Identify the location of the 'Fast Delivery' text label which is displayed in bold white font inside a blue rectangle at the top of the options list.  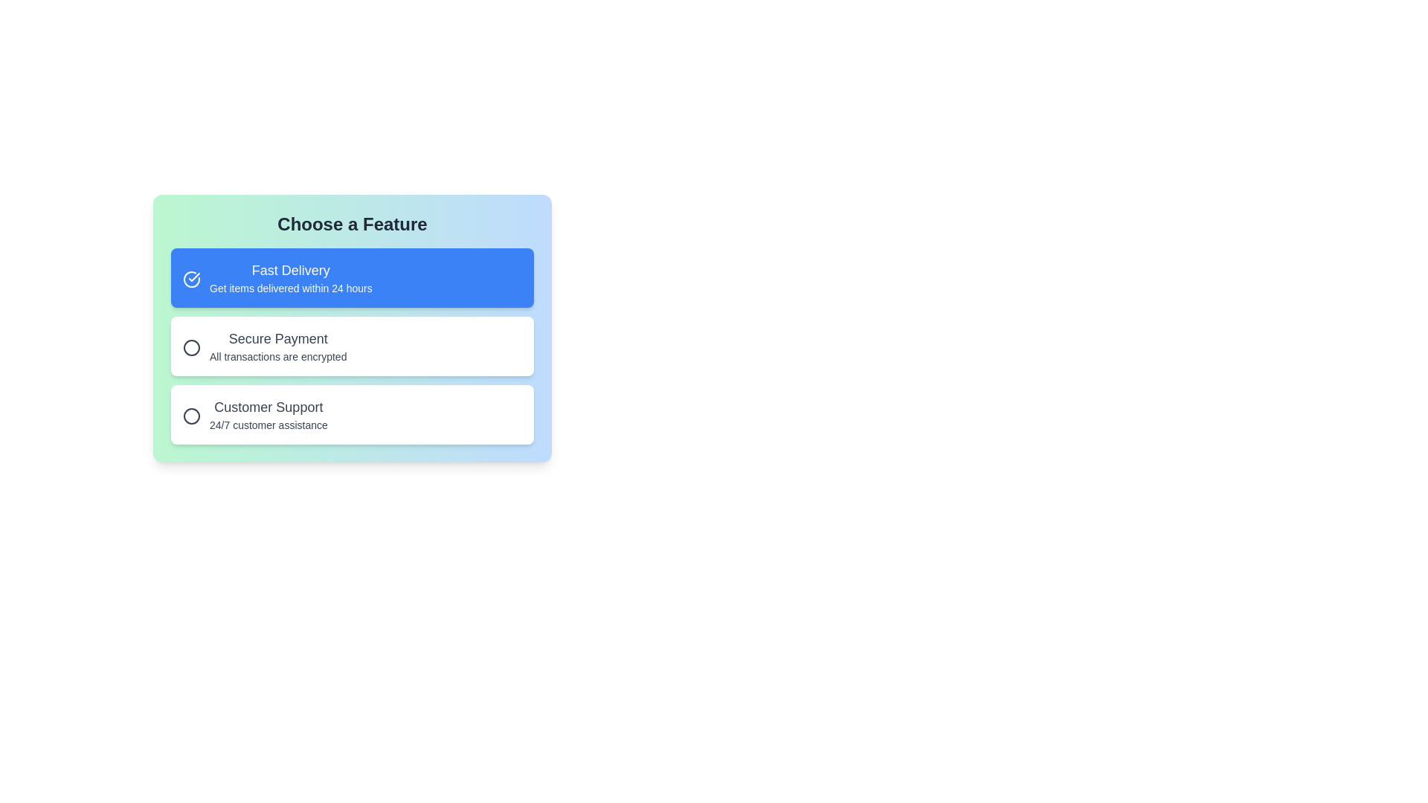
(291, 270).